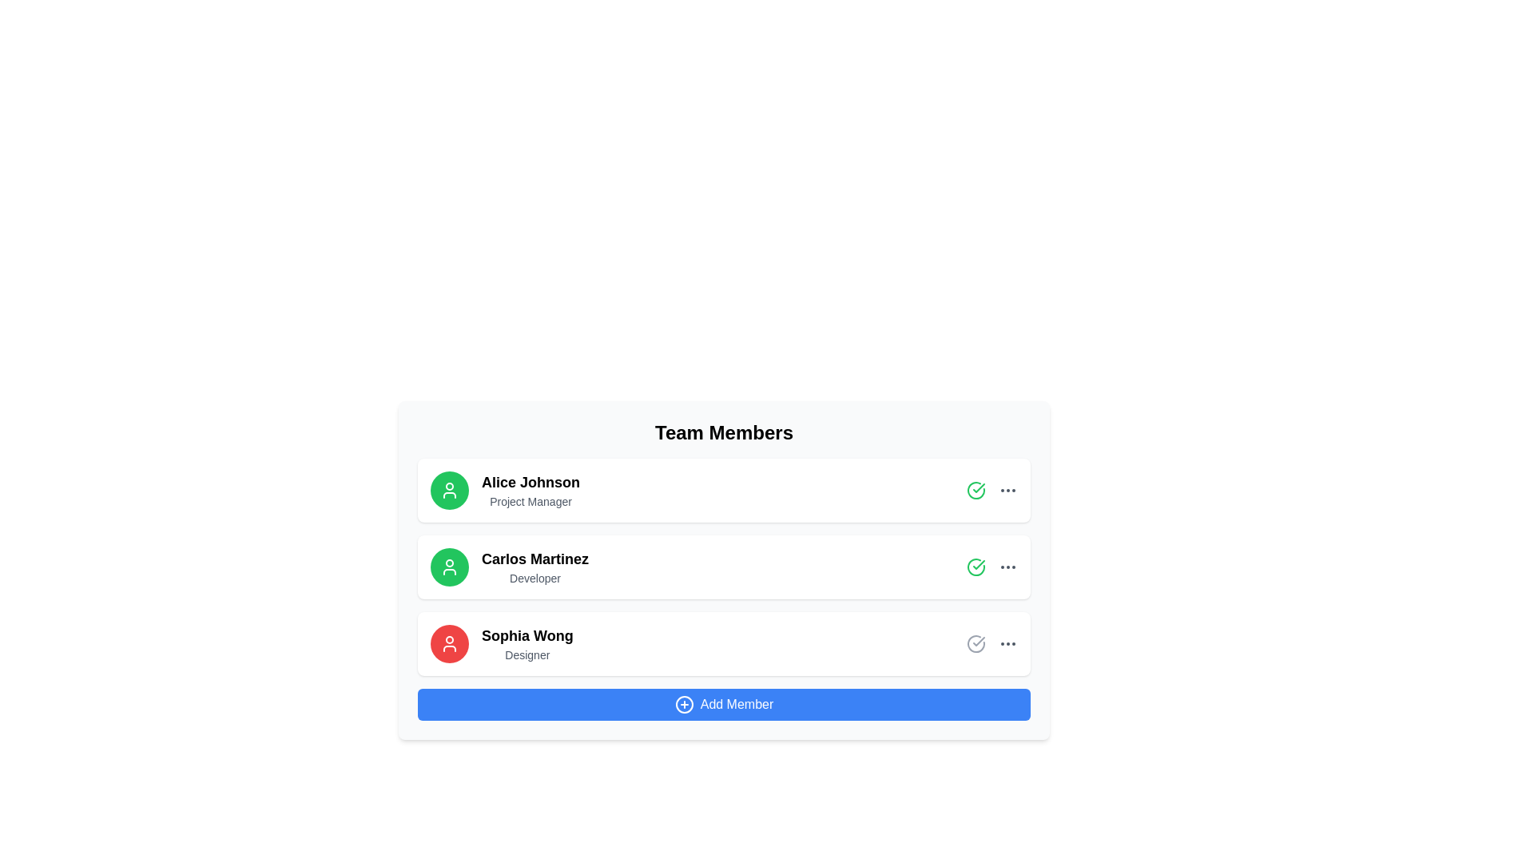  I want to click on the status indicated by the graphical icon representing a circular outline within the checkmark icon, located to the far right of the row for 'Carlos Martinez.', so click(976, 566).